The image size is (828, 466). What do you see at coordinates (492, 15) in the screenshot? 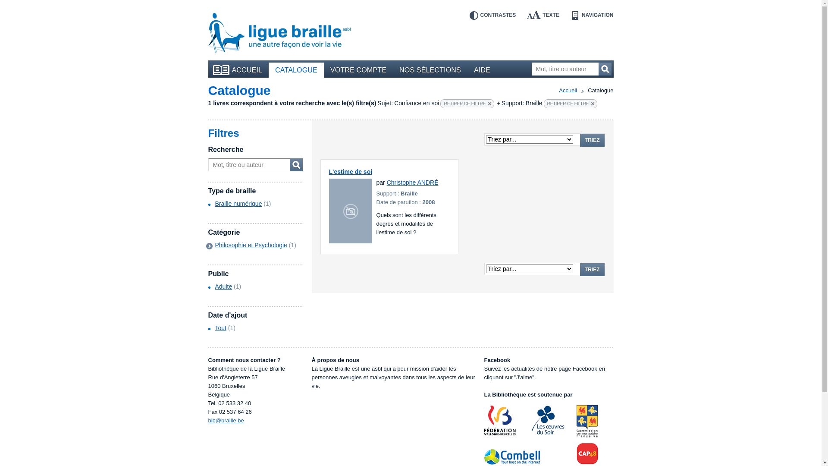
I see `'CONTRASTES'` at bounding box center [492, 15].